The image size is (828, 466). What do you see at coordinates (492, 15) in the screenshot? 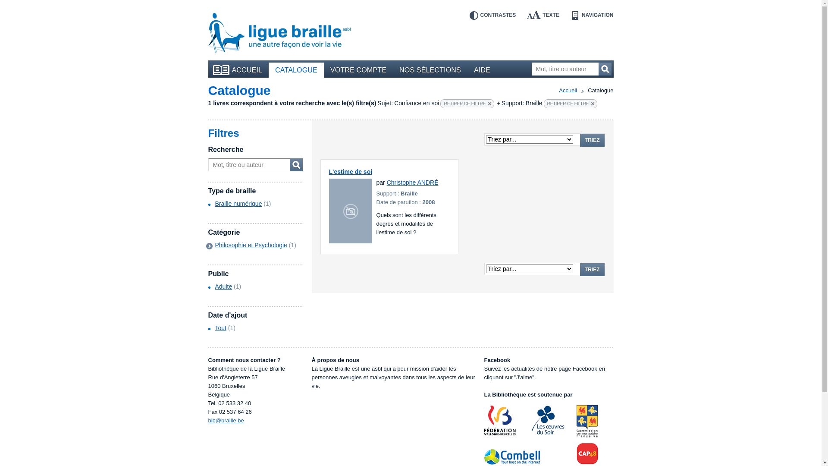
I see `'CONTRASTES'` at bounding box center [492, 15].